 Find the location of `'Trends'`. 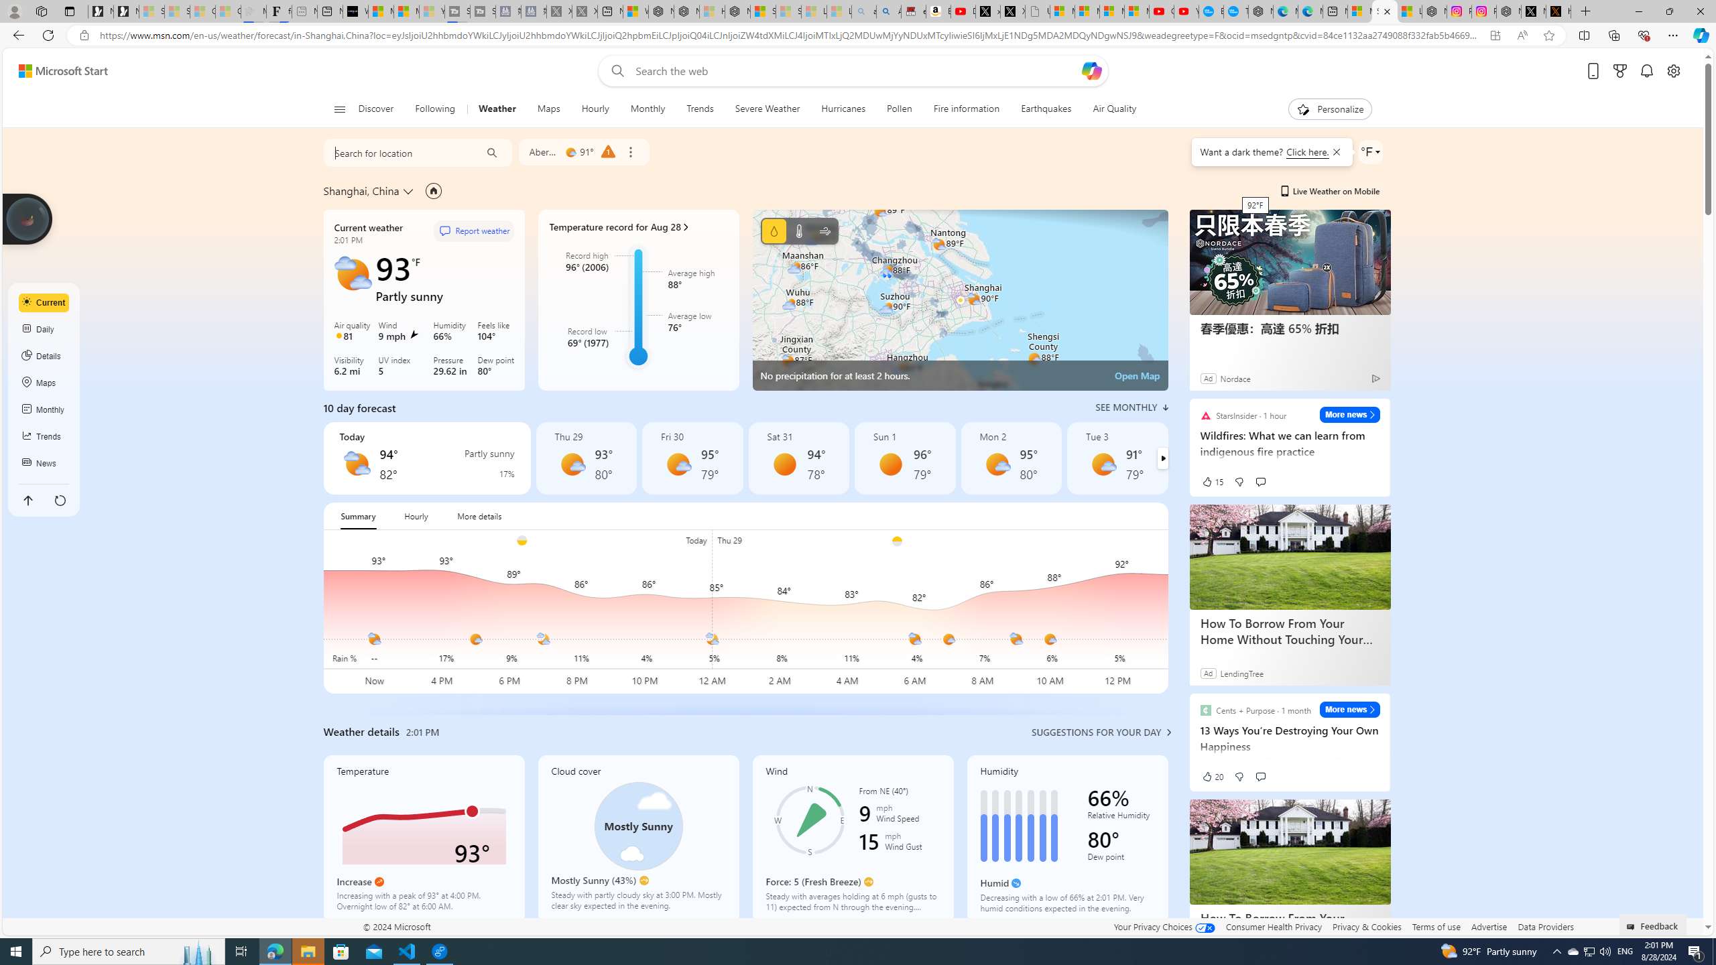

'Trends' is located at coordinates (699, 109).